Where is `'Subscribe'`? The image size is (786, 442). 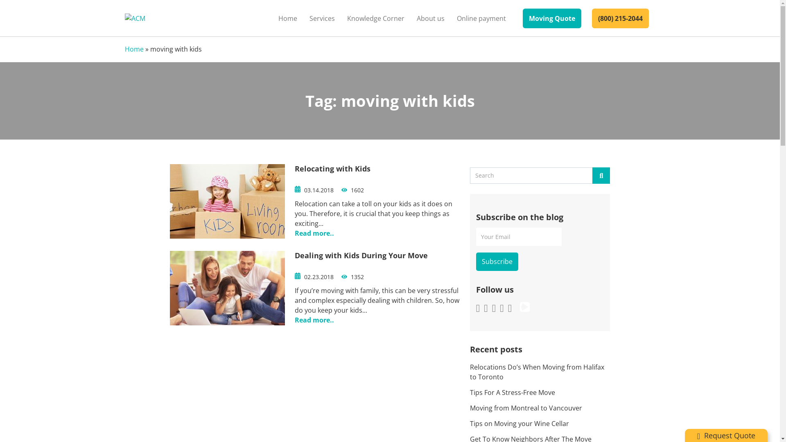 'Subscribe' is located at coordinates (497, 262).